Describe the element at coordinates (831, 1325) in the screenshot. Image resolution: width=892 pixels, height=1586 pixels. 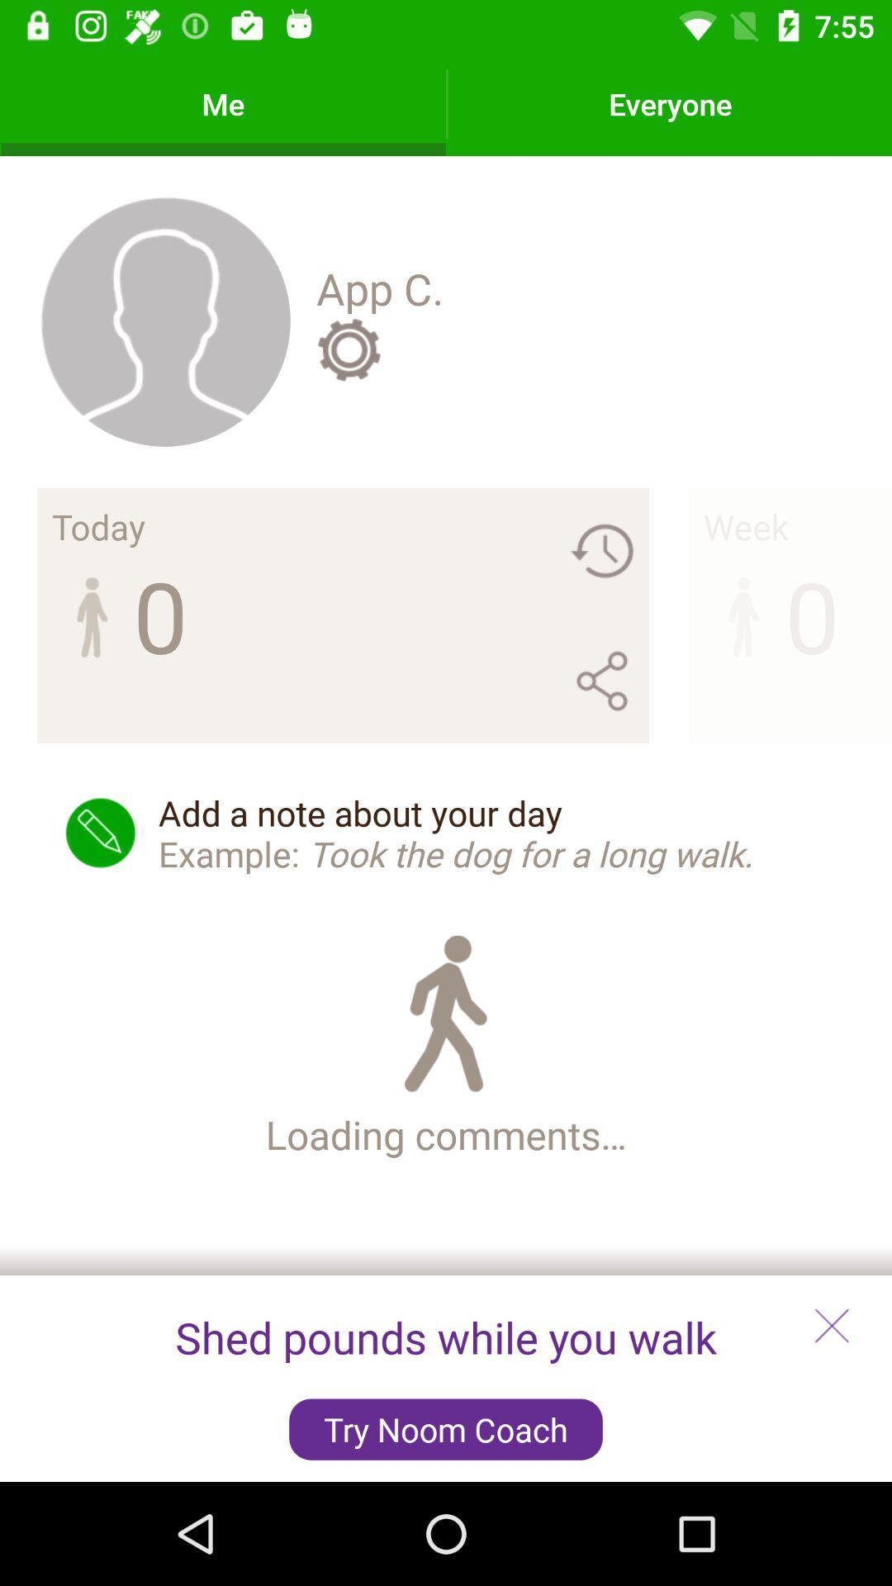
I see `the close icon` at that location.